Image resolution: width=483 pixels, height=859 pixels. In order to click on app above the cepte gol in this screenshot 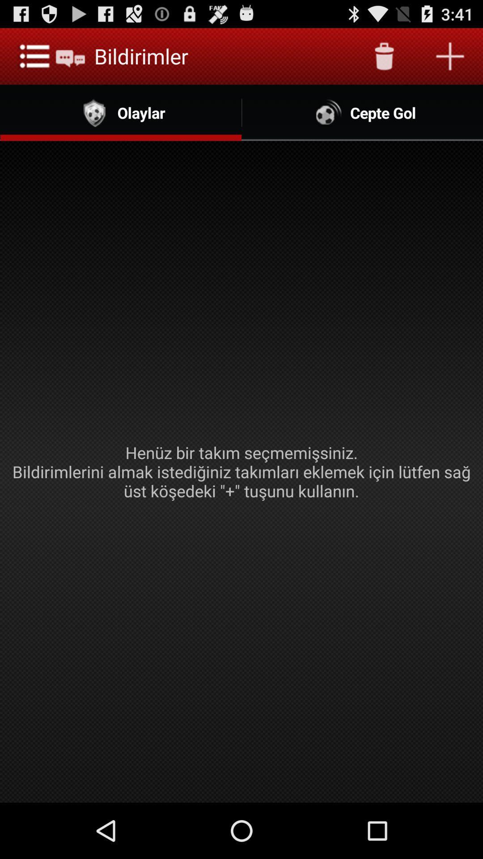, I will do `click(384, 55)`.